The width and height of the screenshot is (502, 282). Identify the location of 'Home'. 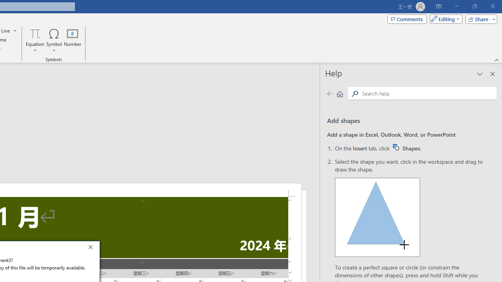
(340, 93).